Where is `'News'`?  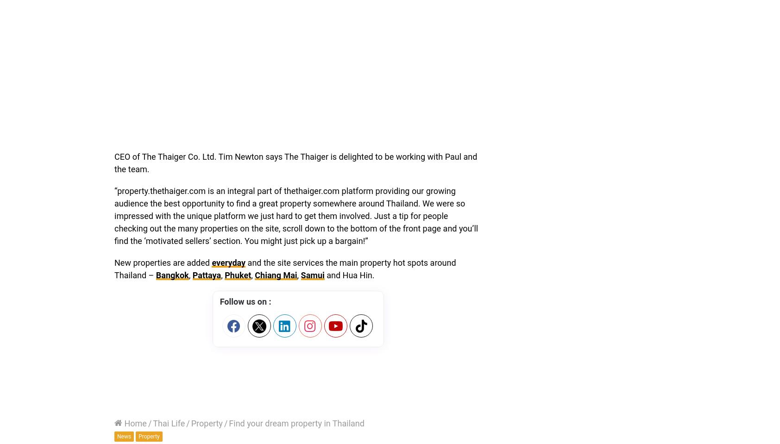 'News' is located at coordinates (117, 436).